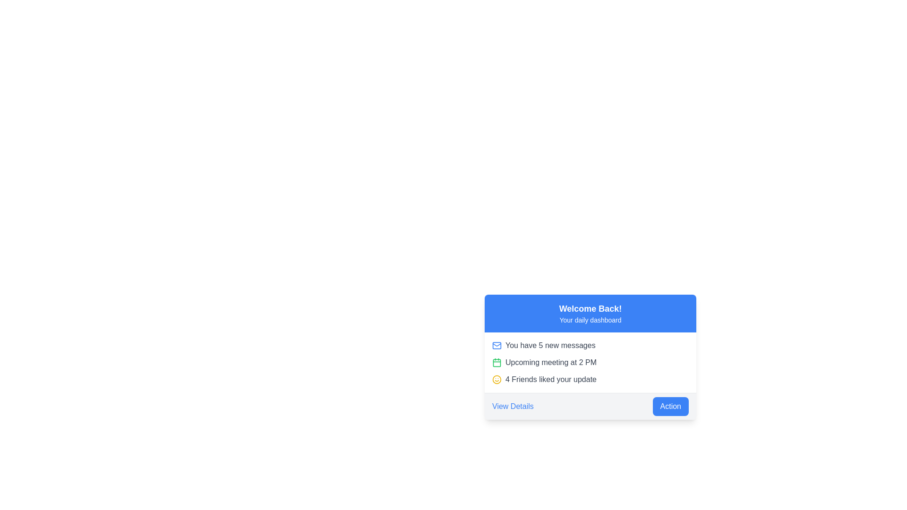 This screenshot has width=907, height=510. I want to click on the notification element displaying the message 'You have 5 new messages', which is the first item in a vertical list of notifications in the lower right card section of the interface, so click(590, 346).